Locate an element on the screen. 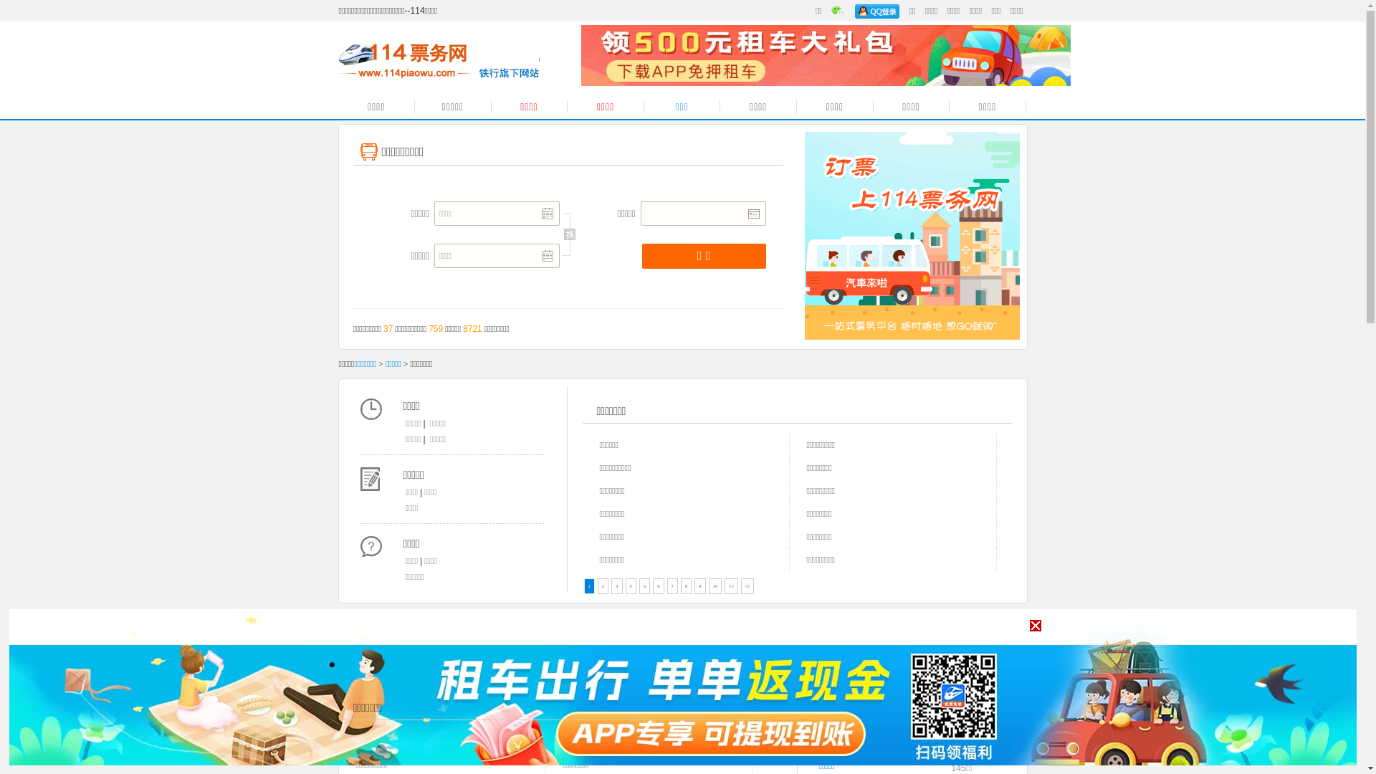  '2' is located at coordinates (598, 586).